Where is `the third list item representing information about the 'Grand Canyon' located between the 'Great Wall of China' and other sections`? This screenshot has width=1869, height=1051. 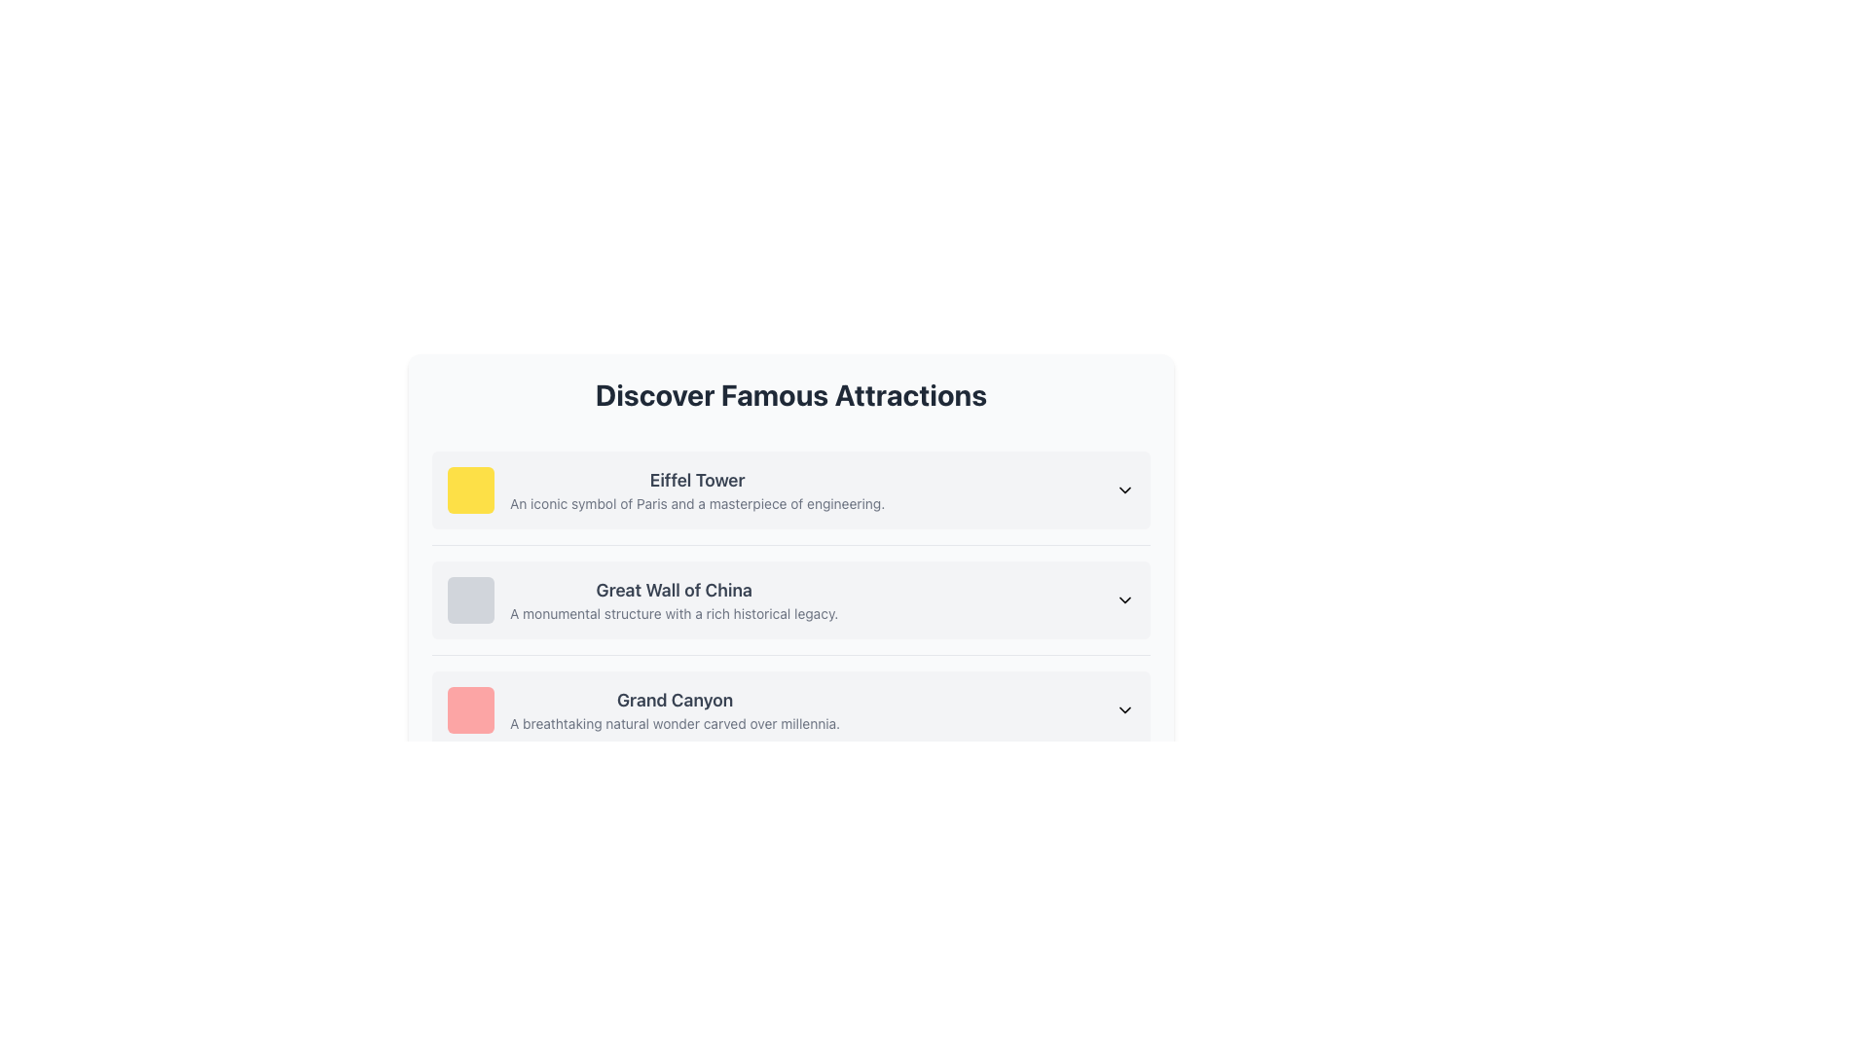 the third list item representing information about the 'Grand Canyon' located between the 'Great Wall of China' and other sections is located at coordinates (790, 709).